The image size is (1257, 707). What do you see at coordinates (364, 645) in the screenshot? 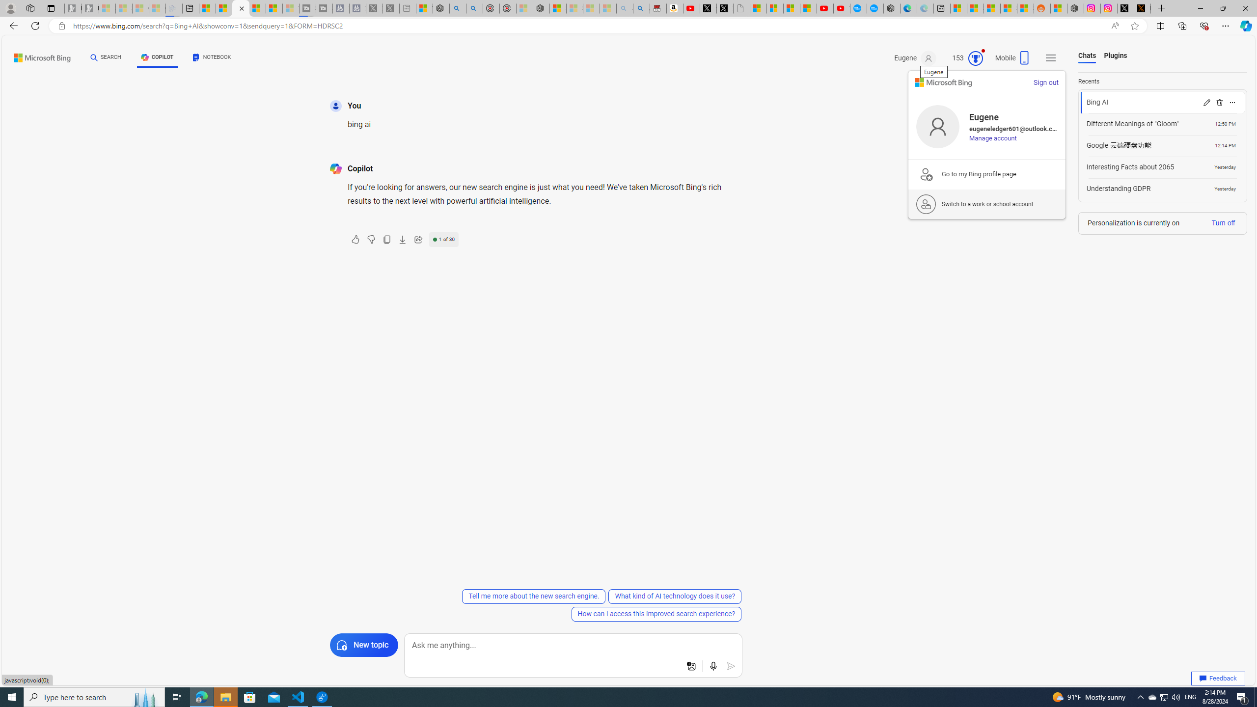
I see `'New topic'` at bounding box center [364, 645].